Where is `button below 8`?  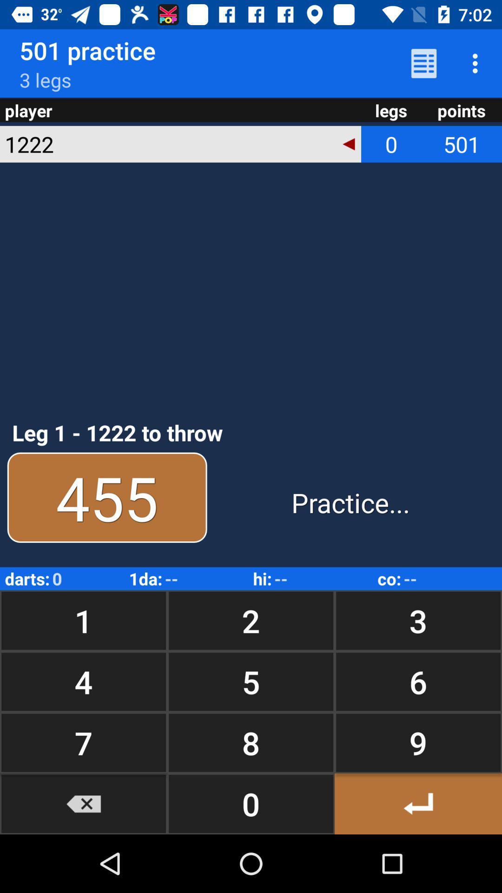 button below 8 is located at coordinates (417, 803).